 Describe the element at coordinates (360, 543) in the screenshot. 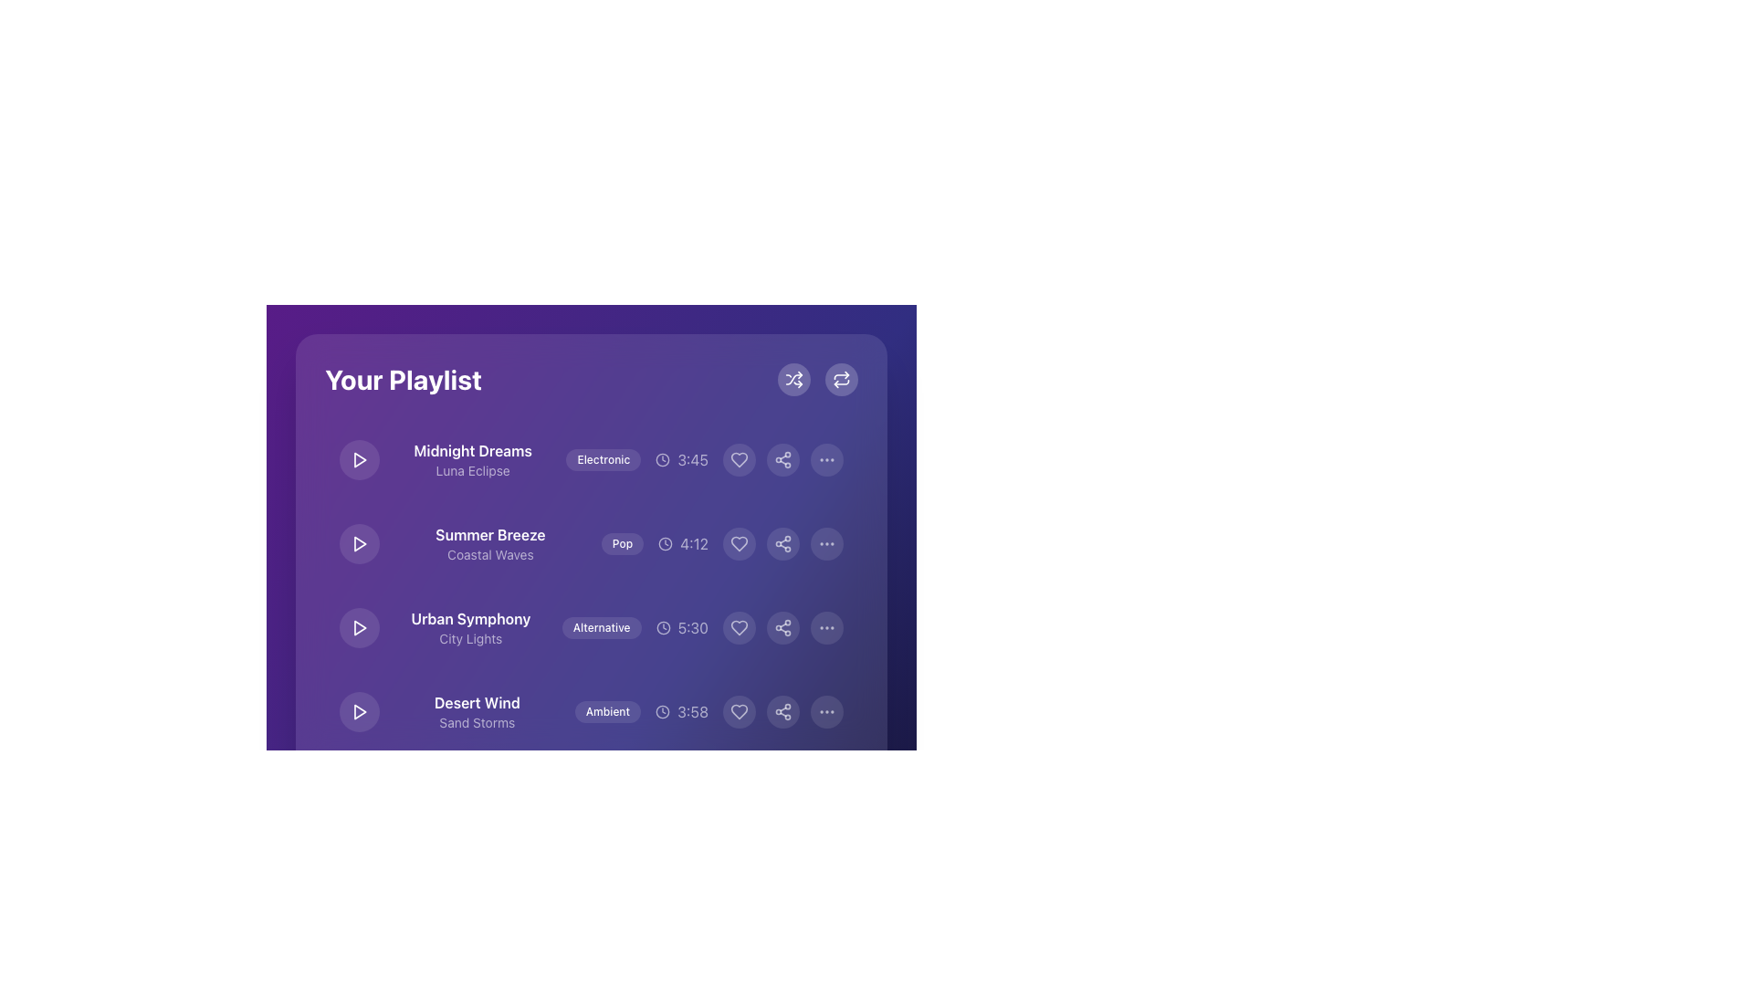

I see `the play button for the track 'Summer Breeze'` at that location.